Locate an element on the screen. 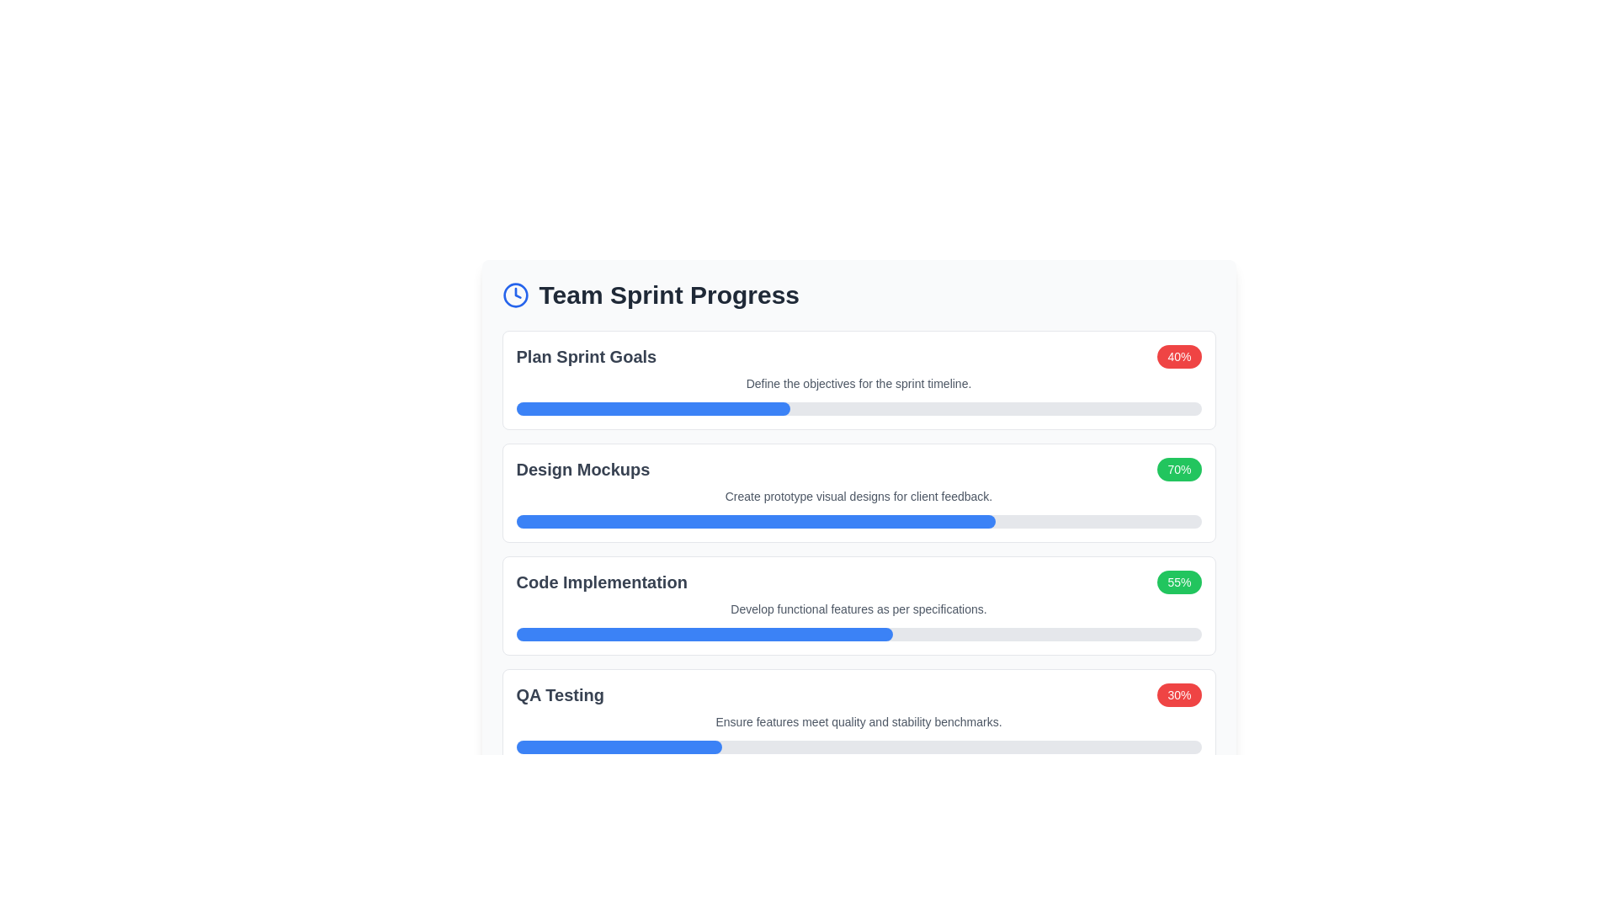 The image size is (1616, 909). the horizontal progress bar located in the 'Plan Sprint Goals' section of the 'Team Sprint Progress' interface, which is indicated by a gray background and a blue-filled portion is located at coordinates (858, 409).